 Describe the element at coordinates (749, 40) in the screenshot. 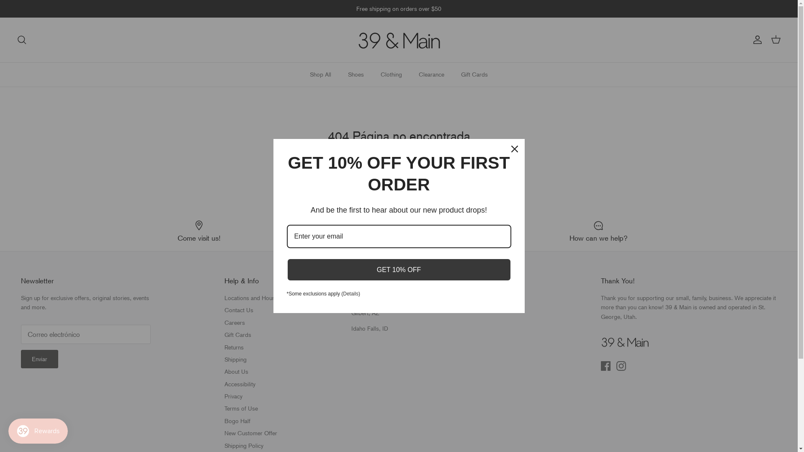

I see `'Cuenta'` at that location.